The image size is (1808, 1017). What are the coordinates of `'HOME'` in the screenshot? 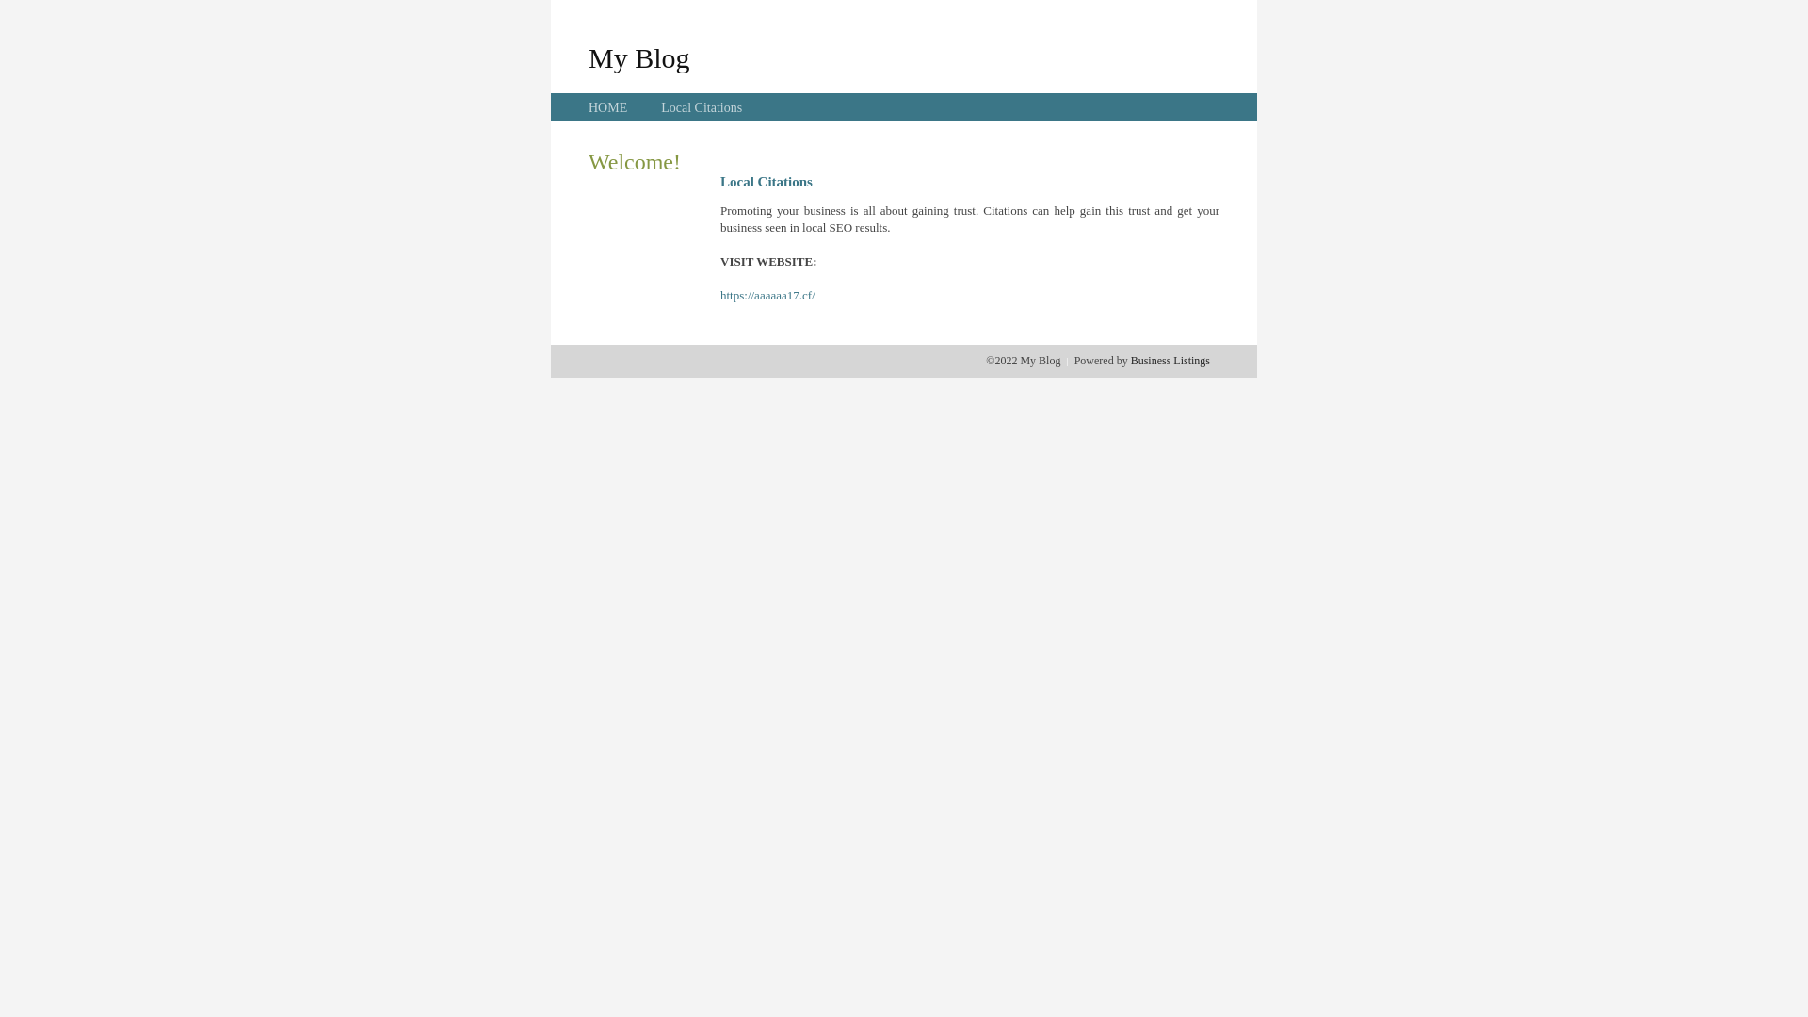 It's located at (607, 107).